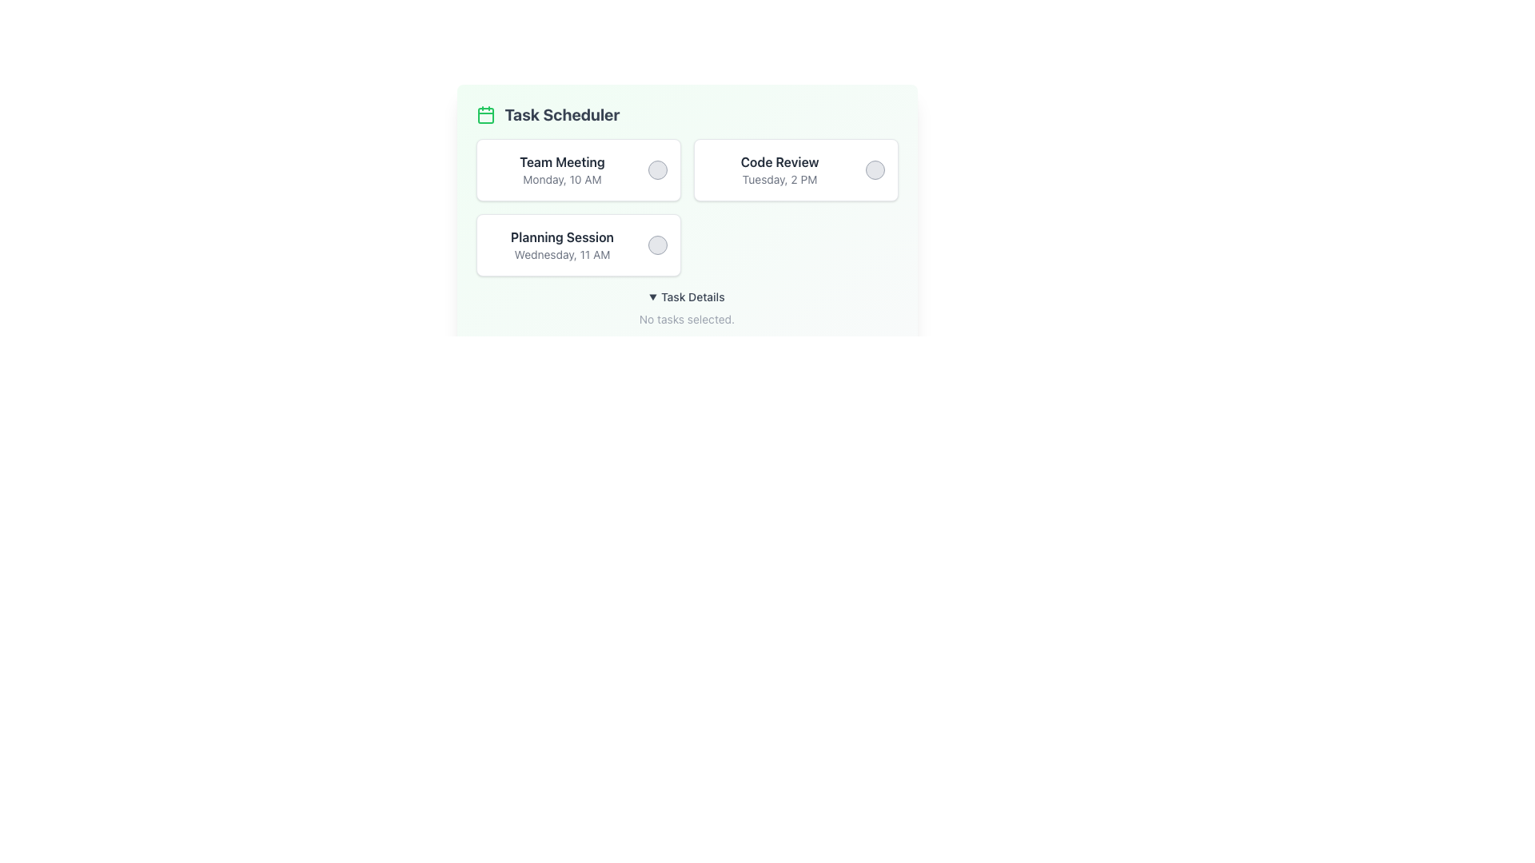 The image size is (1535, 863). What do you see at coordinates (779, 179) in the screenshot?
I see `scheduling information text label located below the 'Code Review' text, which conveys the timing details of a specific task or event` at bounding box center [779, 179].